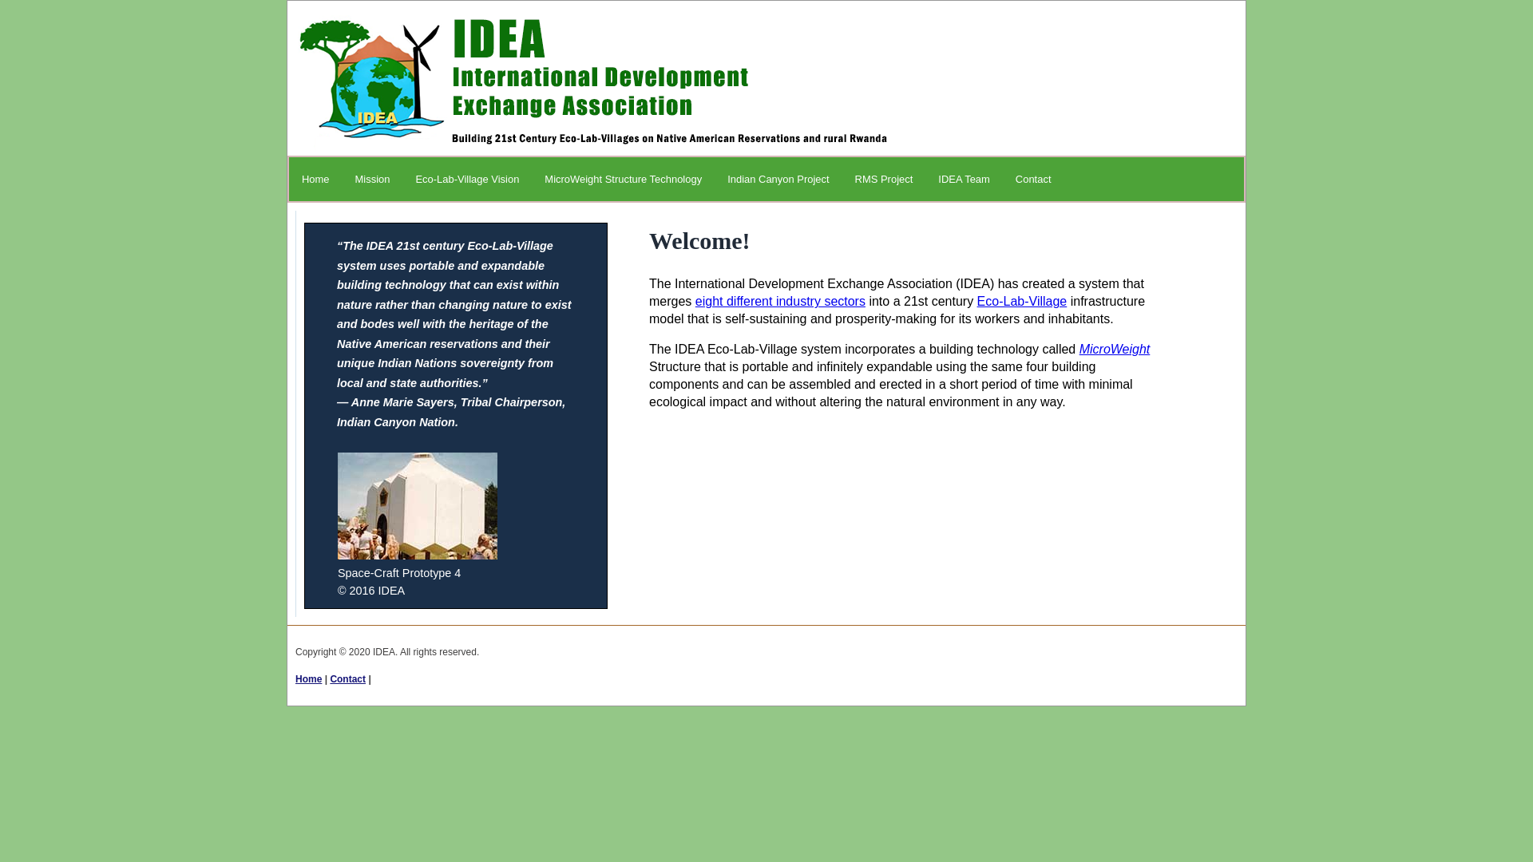 This screenshot has width=1533, height=862. What do you see at coordinates (466, 179) in the screenshot?
I see `'Eco-Lab-Village Vision'` at bounding box center [466, 179].